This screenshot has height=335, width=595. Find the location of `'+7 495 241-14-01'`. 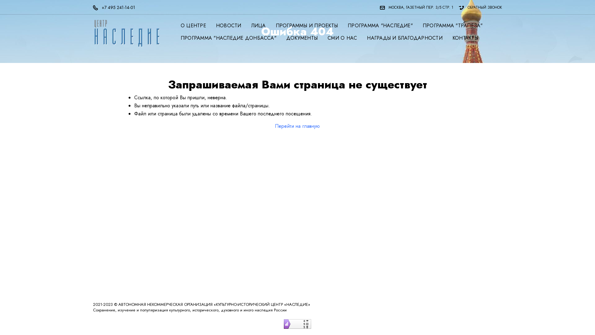

'+7 495 241-14-01' is located at coordinates (116, 7).